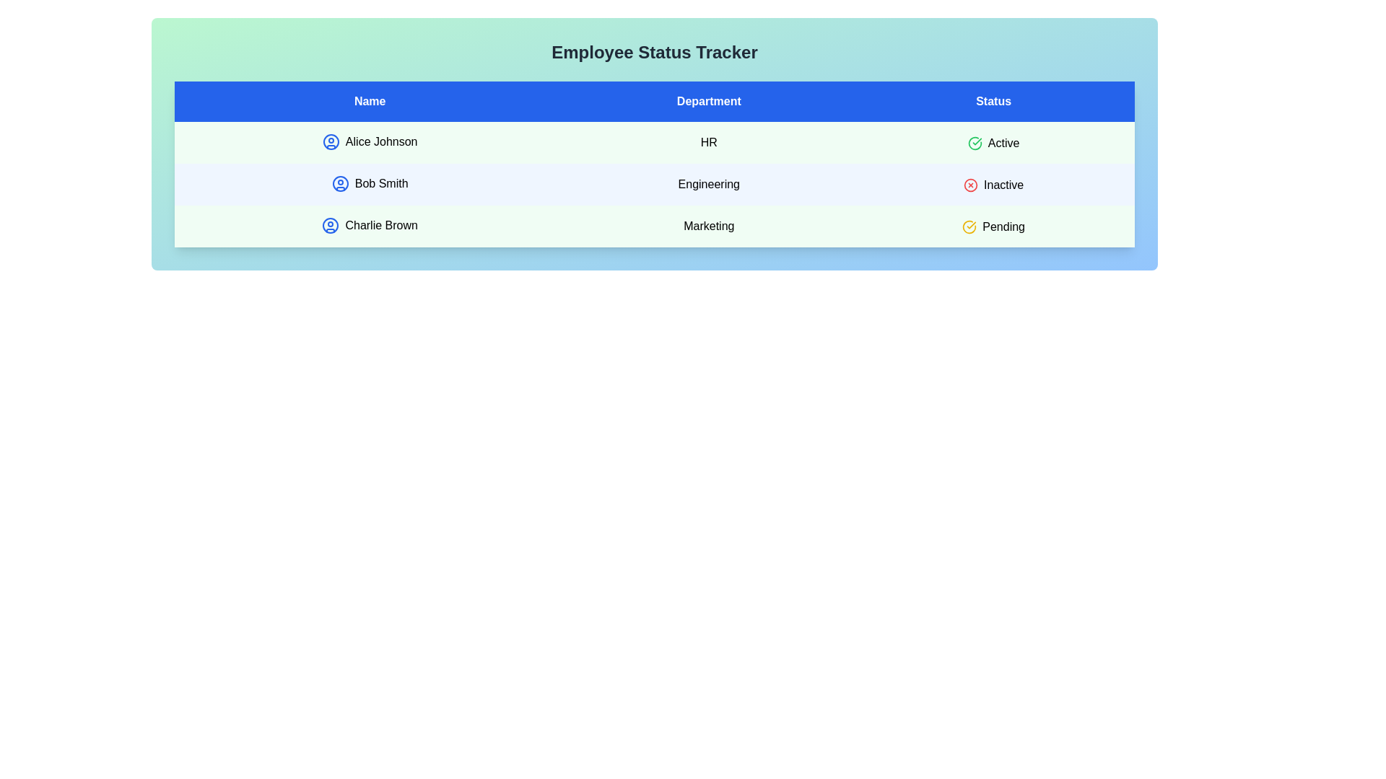 Image resolution: width=1386 pixels, height=779 pixels. What do you see at coordinates (654, 183) in the screenshot?
I see `the row corresponding to Bob Smith` at bounding box center [654, 183].